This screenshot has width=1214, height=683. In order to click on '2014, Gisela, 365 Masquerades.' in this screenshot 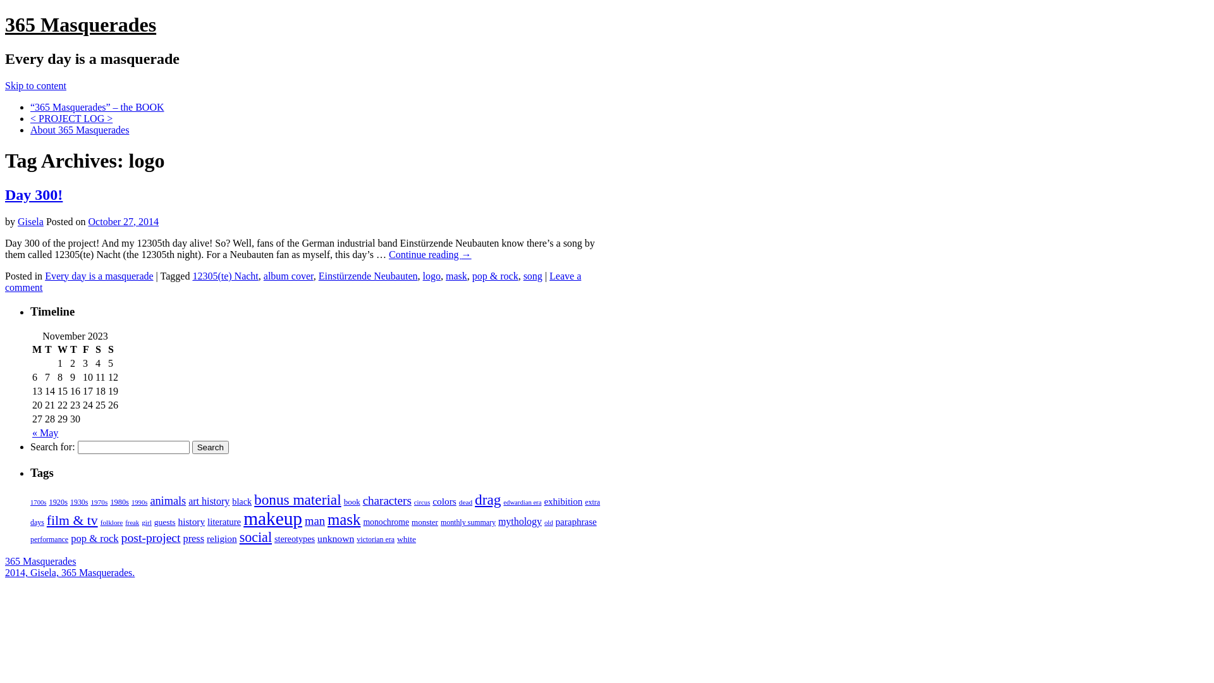, I will do `click(69, 572)`.